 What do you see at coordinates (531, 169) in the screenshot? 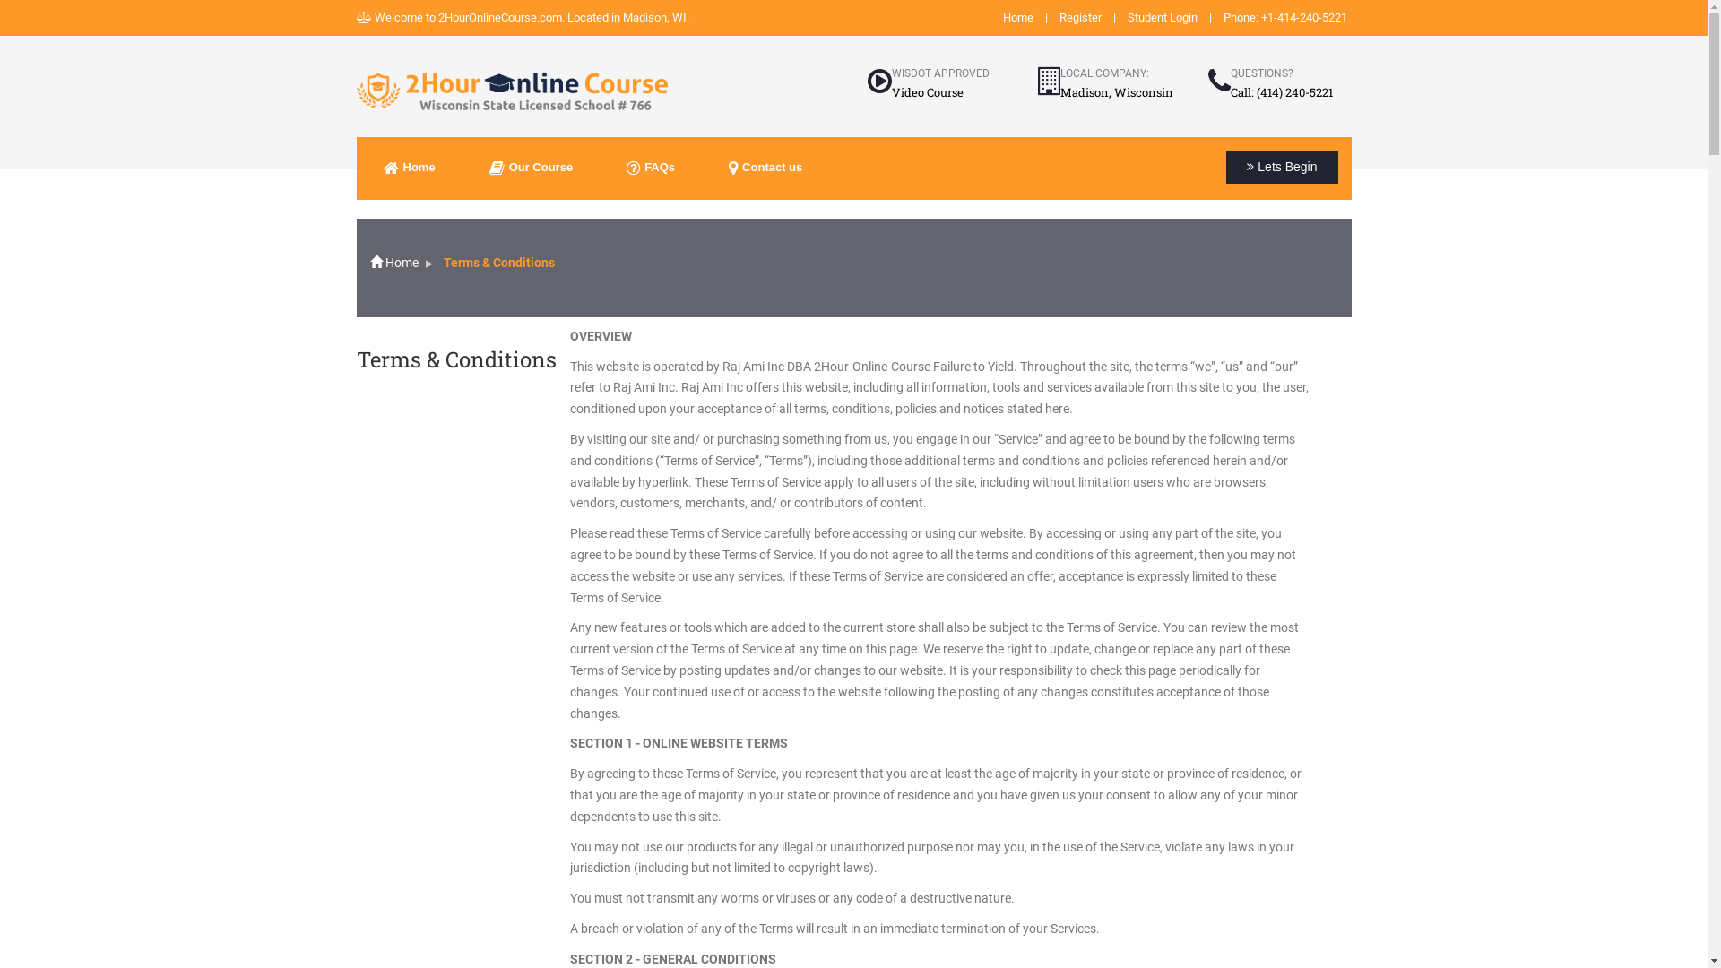
I see `'Our Course'` at bounding box center [531, 169].